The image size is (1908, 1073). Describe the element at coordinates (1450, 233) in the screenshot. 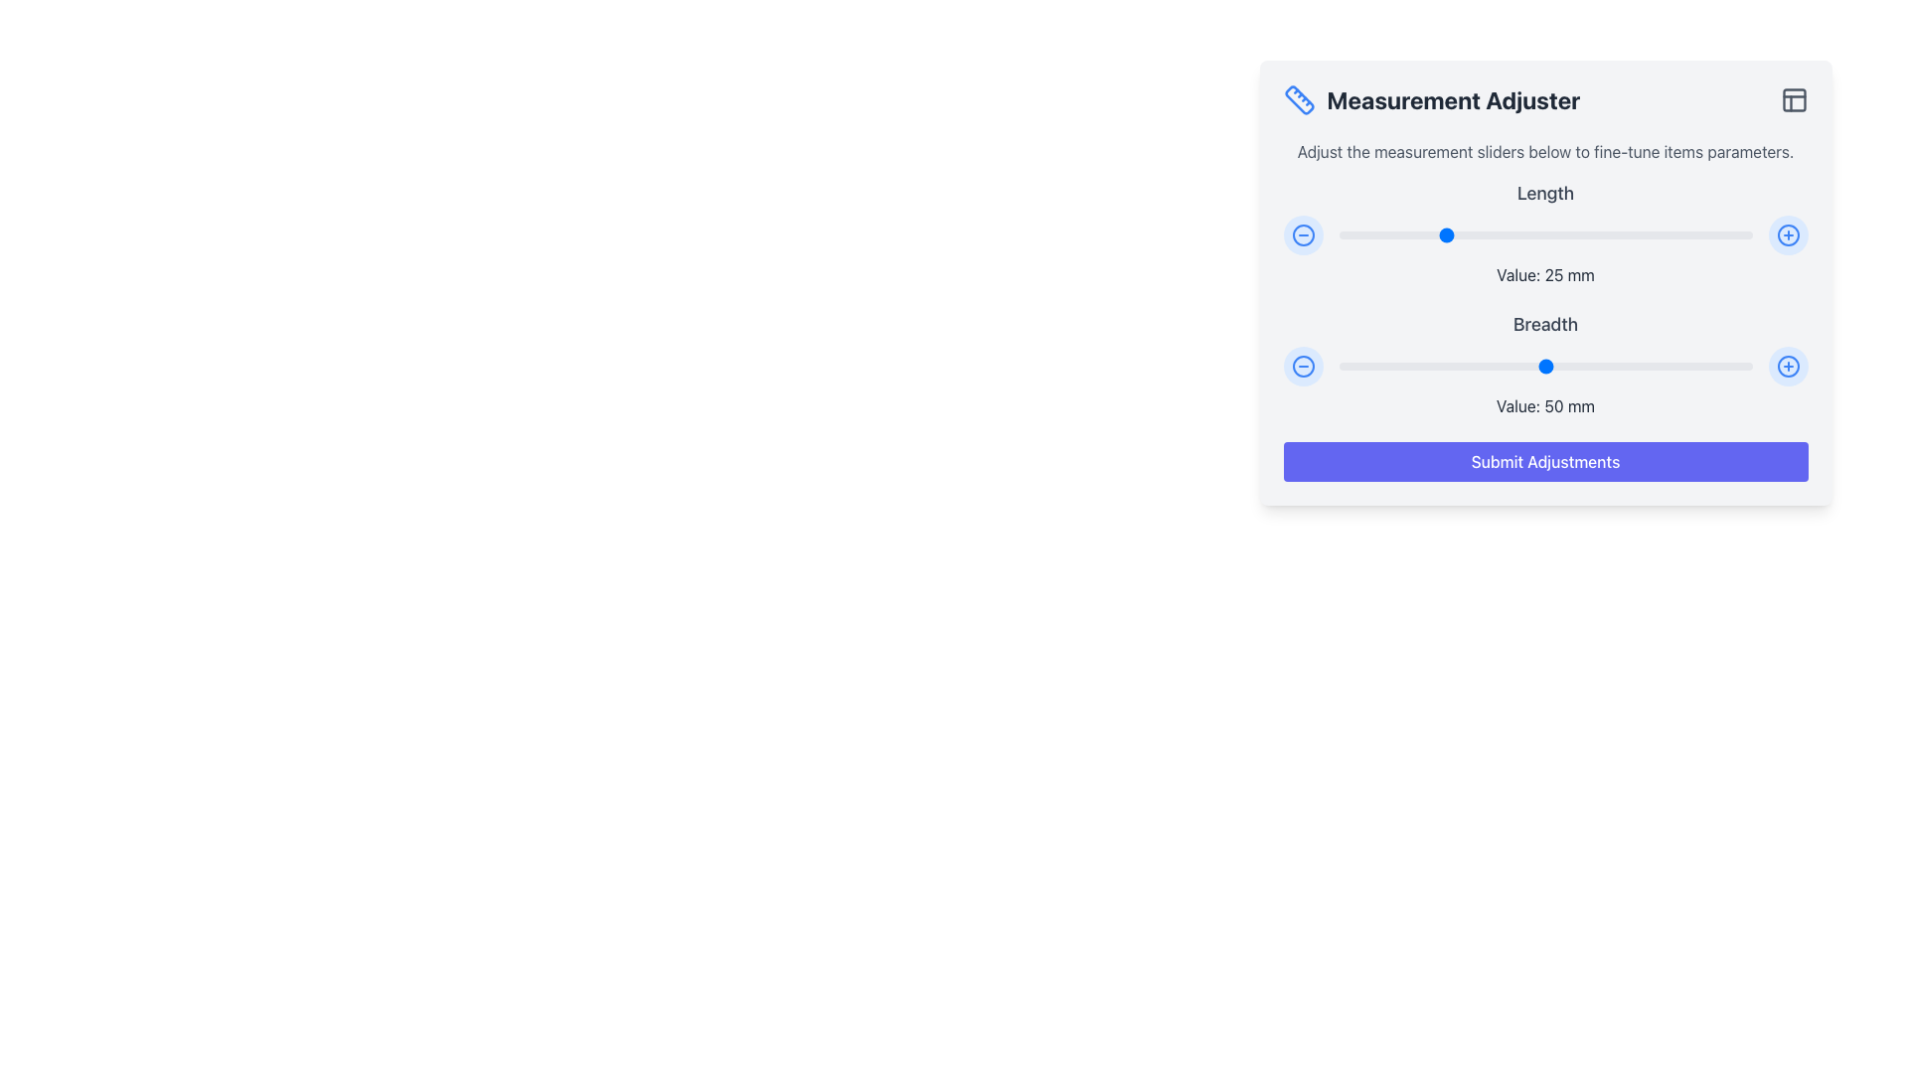

I see `the length value` at that location.